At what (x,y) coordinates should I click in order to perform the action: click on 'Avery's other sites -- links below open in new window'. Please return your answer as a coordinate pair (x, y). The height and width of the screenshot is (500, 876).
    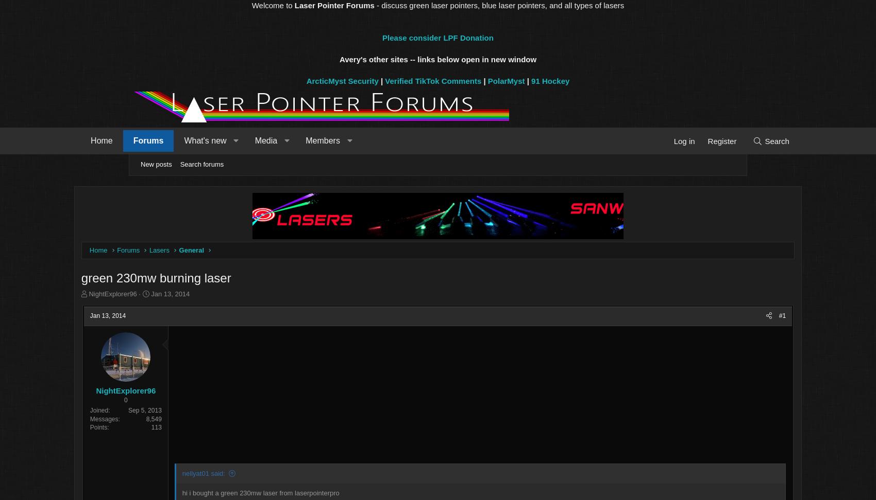
    Looking at the image, I should click on (437, 59).